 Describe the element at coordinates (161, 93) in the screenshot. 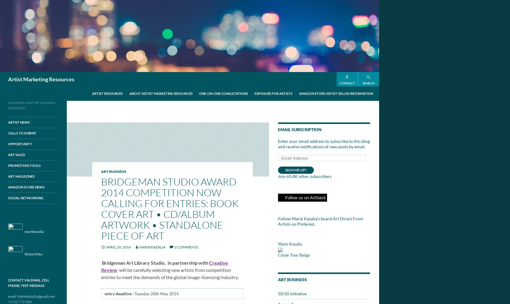

I see `'About  Artist  Marketing  Resources'` at that location.